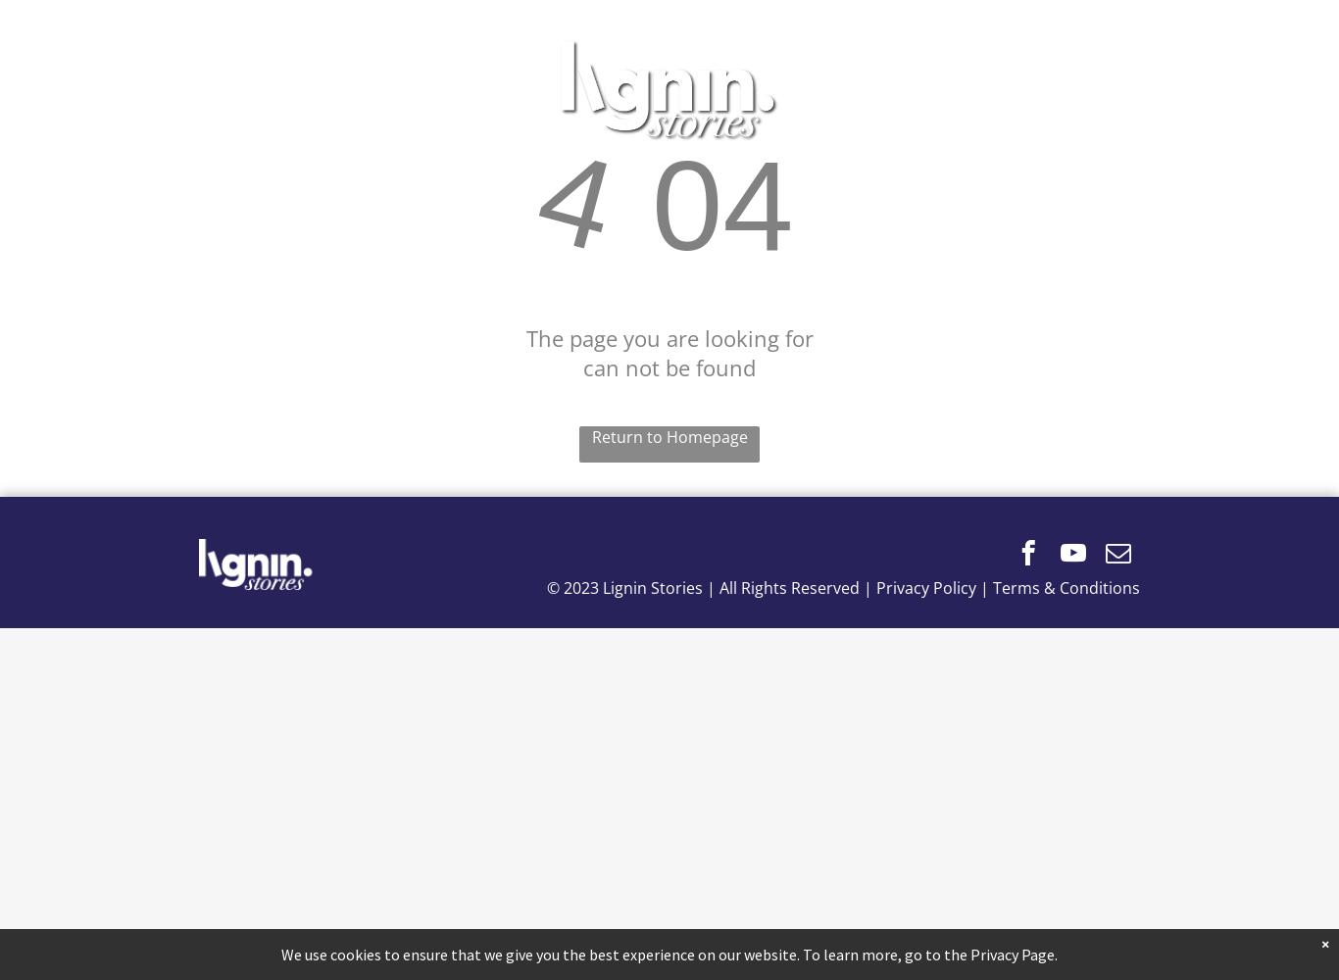 Image resolution: width=1339 pixels, height=980 pixels. What do you see at coordinates (573, 587) in the screenshot?
I see `'© 2023'` at bounding box center [573, 587].